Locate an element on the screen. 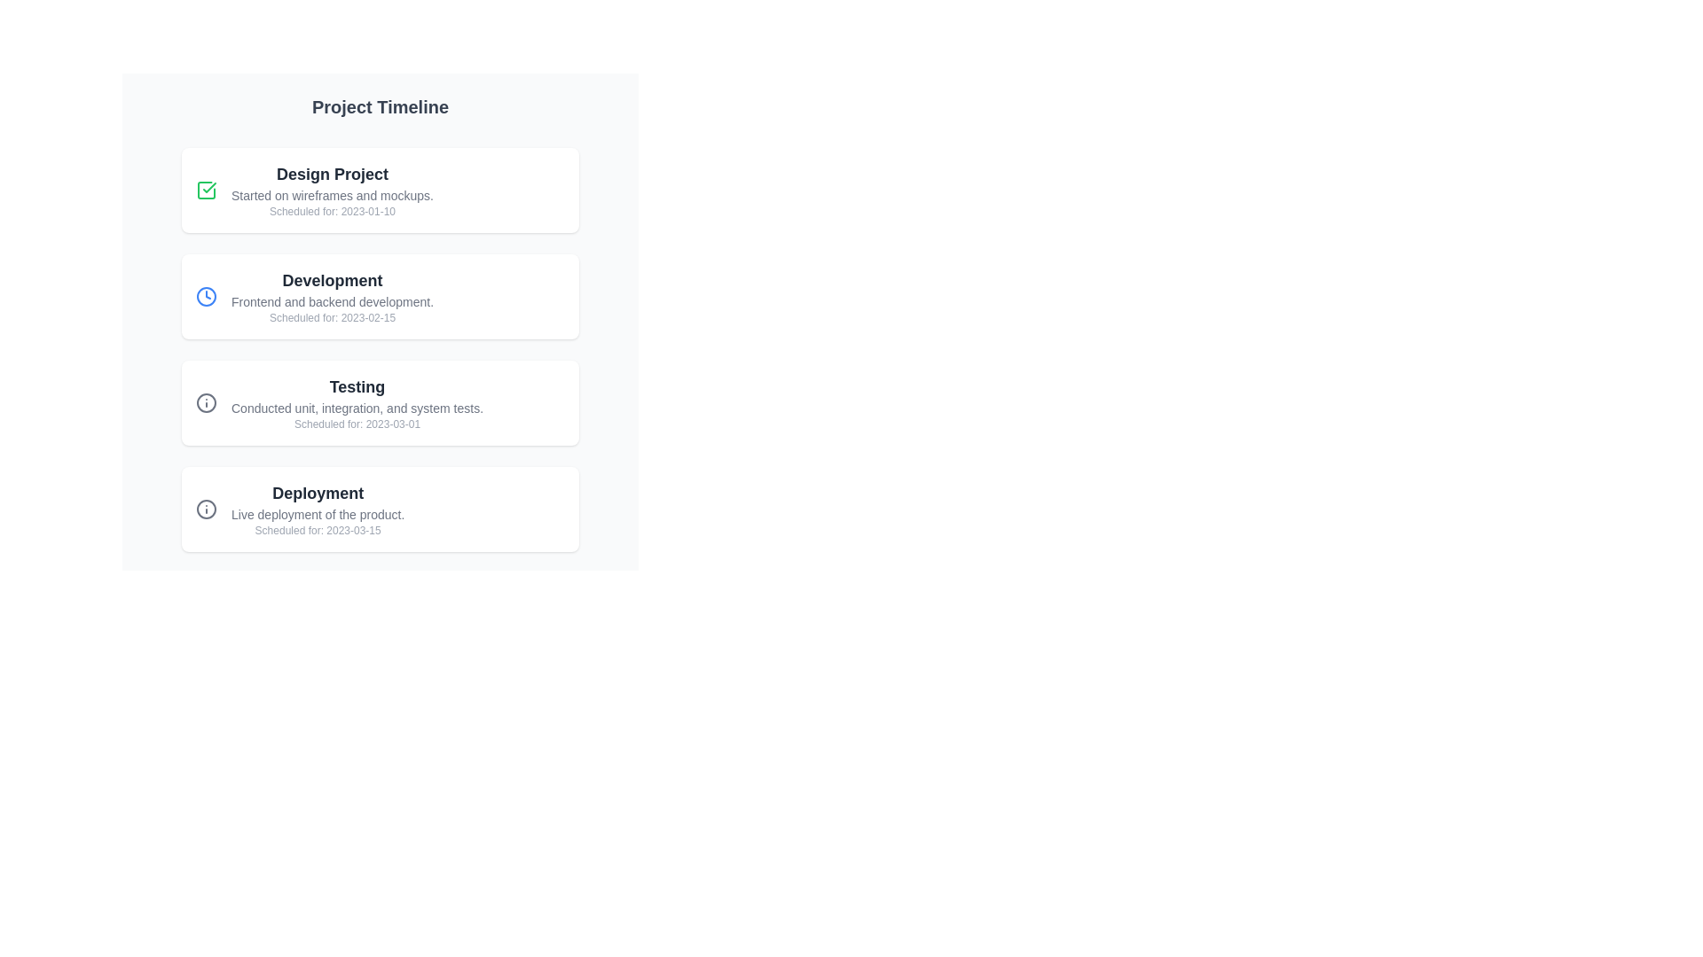  the label that serves as the title for the 'Development' section, which is located between the 'Design Project' box and the 'Testing' box is located at coordinates (332, 279).